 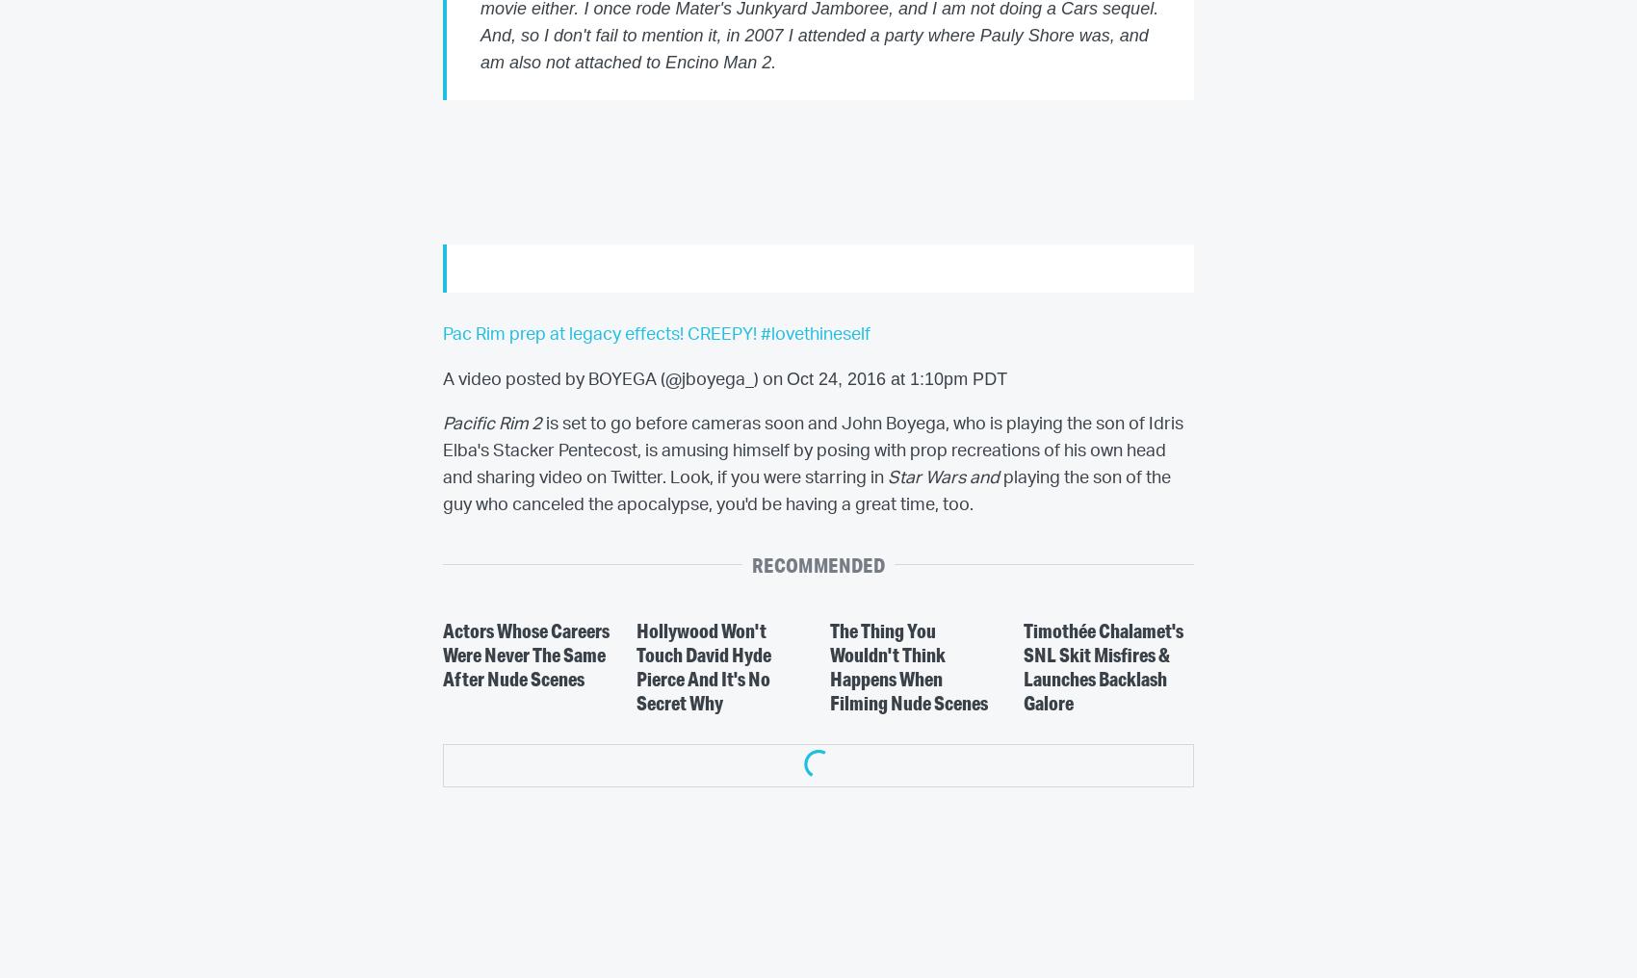 I want to click on 'Timothée Chalamet's SNL Skit Misfires & Launches Backlash Galore', so click(x=1021, y=665).